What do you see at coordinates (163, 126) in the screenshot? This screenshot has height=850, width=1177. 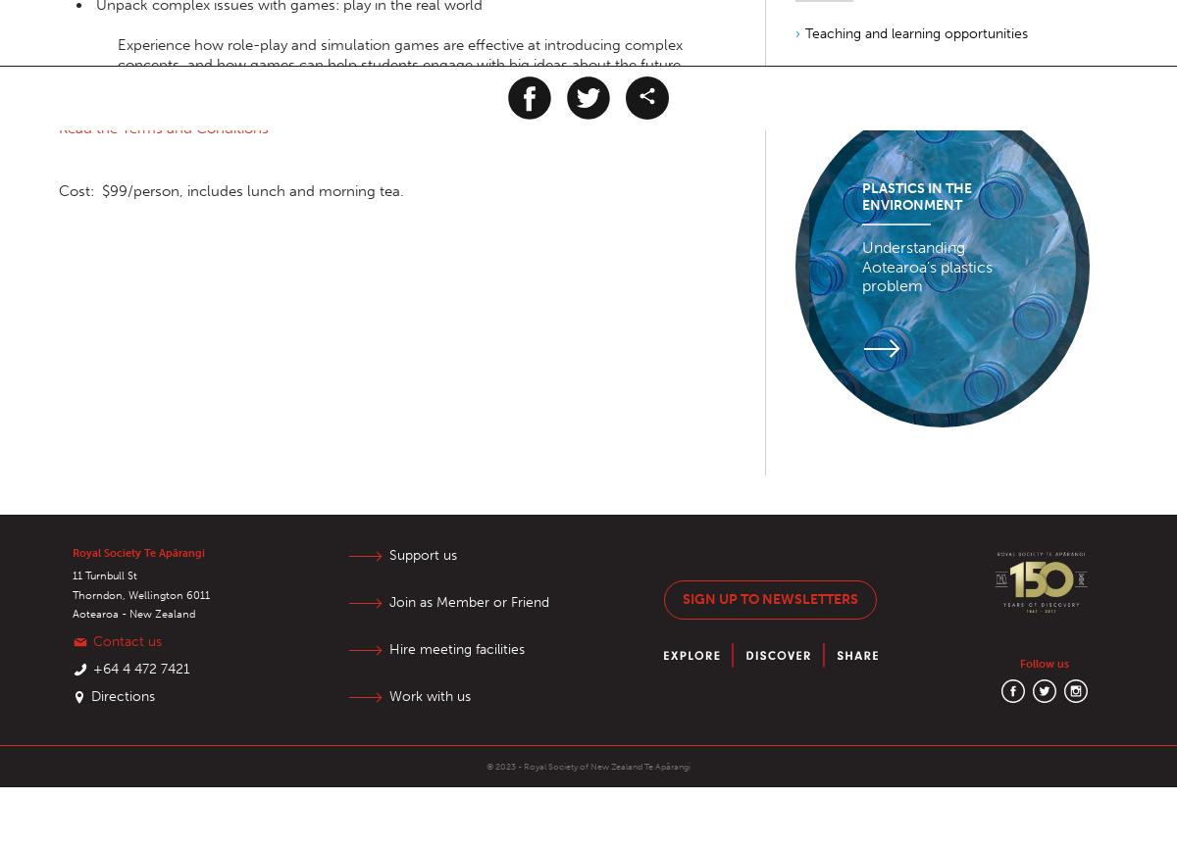 I see `'Read the Terms and Conditions'` at bounding box center [163, 126].